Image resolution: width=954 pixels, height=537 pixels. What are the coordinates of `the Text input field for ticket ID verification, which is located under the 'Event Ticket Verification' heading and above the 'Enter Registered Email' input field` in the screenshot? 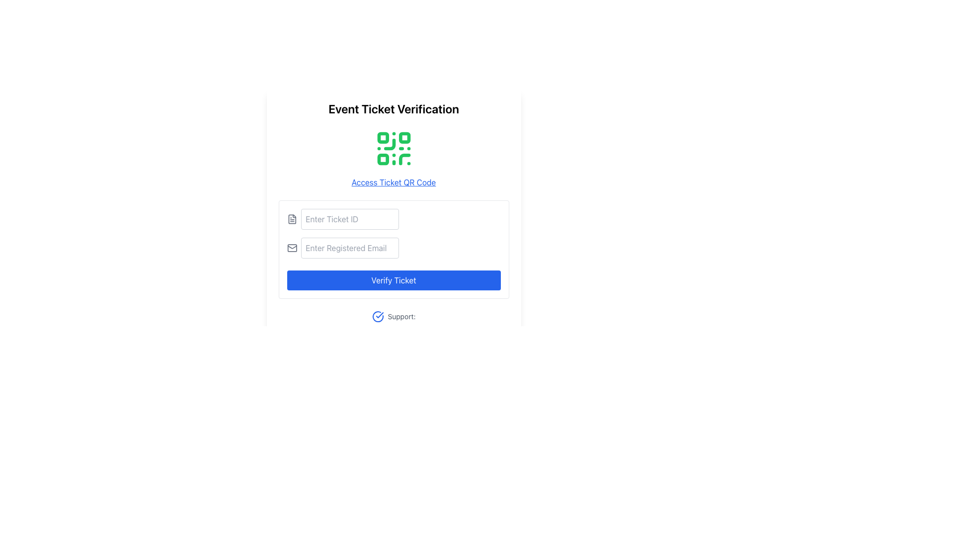 It's located at (343, 218).